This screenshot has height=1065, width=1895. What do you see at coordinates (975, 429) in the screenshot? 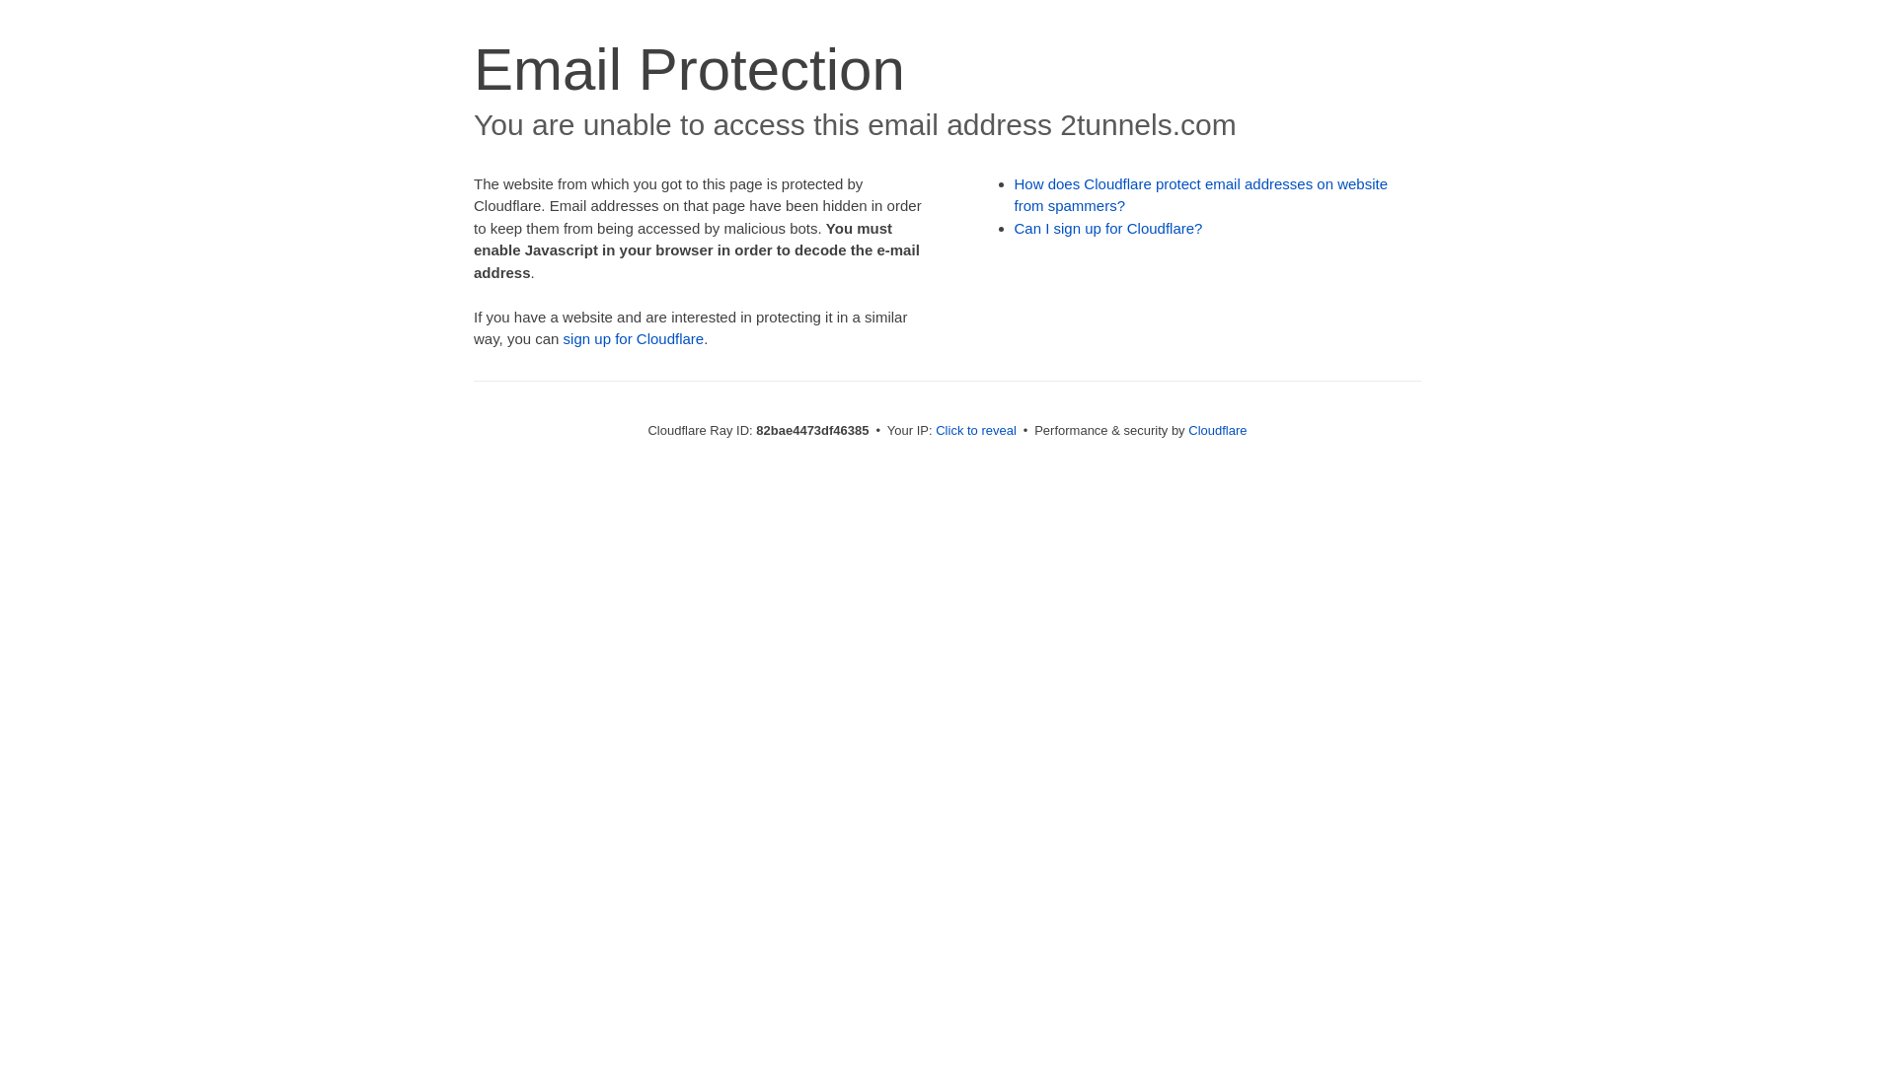
I see `'Click to reveal'` at bounding box center [975, 429].